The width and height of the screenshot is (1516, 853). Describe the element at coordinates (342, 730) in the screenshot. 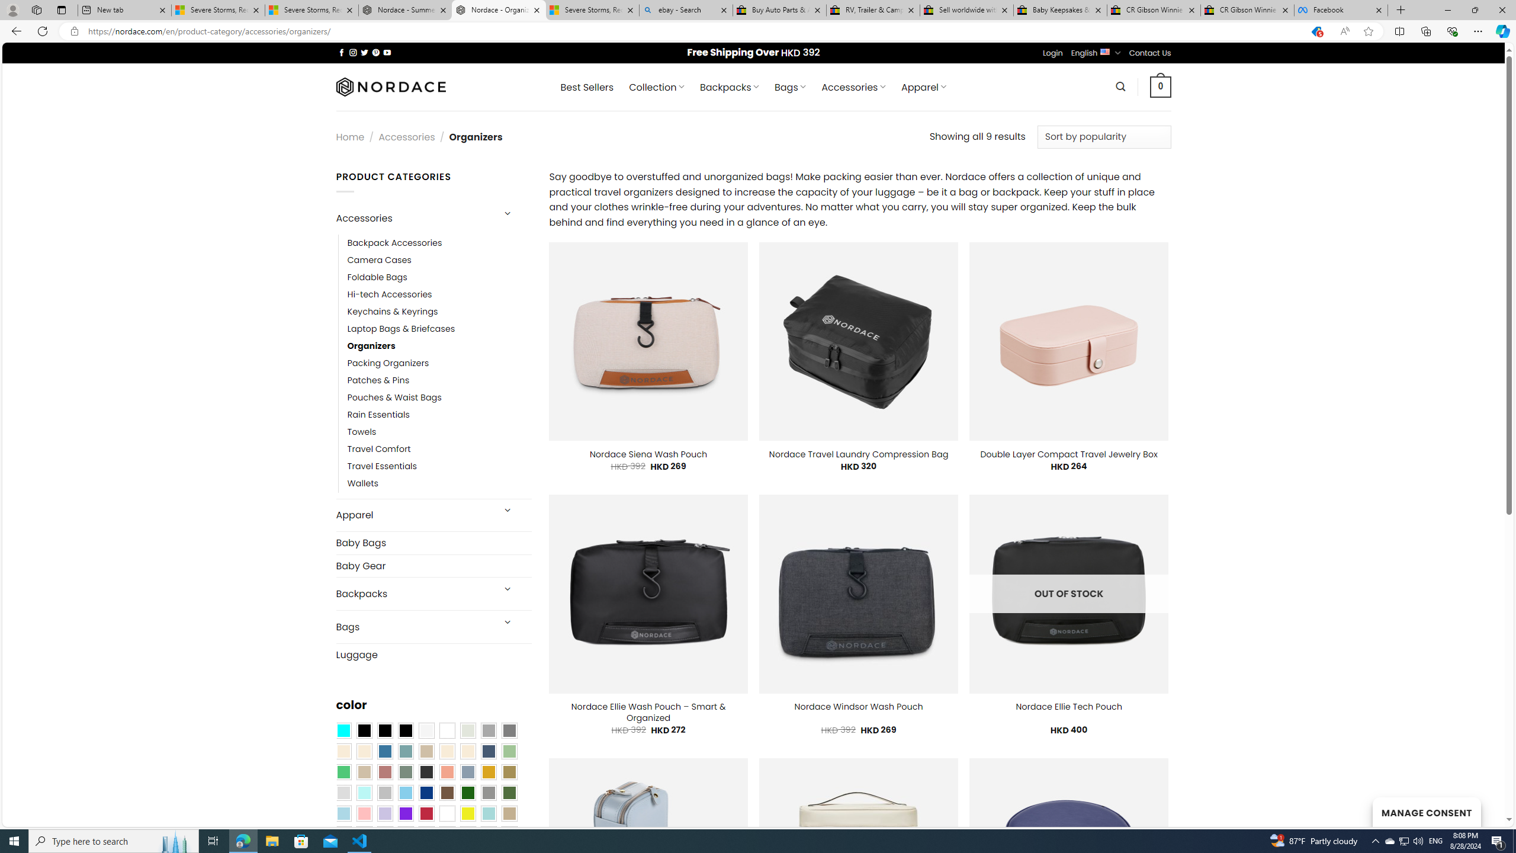

I see `'Aqua Blue'` at that location.